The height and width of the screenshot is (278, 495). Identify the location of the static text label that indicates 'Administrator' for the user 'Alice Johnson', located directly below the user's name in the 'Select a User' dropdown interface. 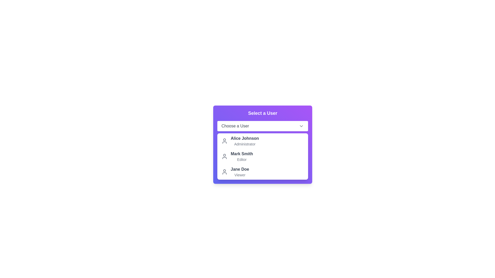
(244, 144).